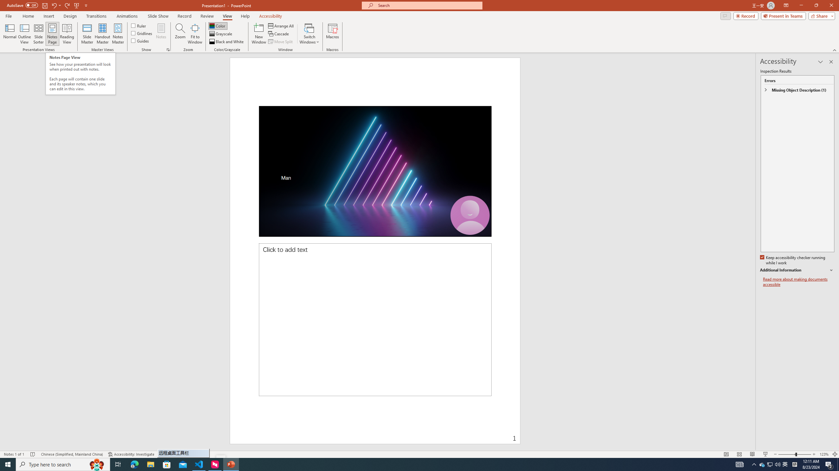 The width and height of the screenshot is (839, 471). I want to click on 'Notes', so click(161, 34).